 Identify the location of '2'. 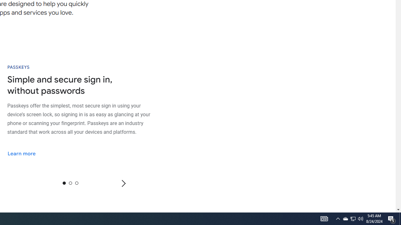
(76, 183).